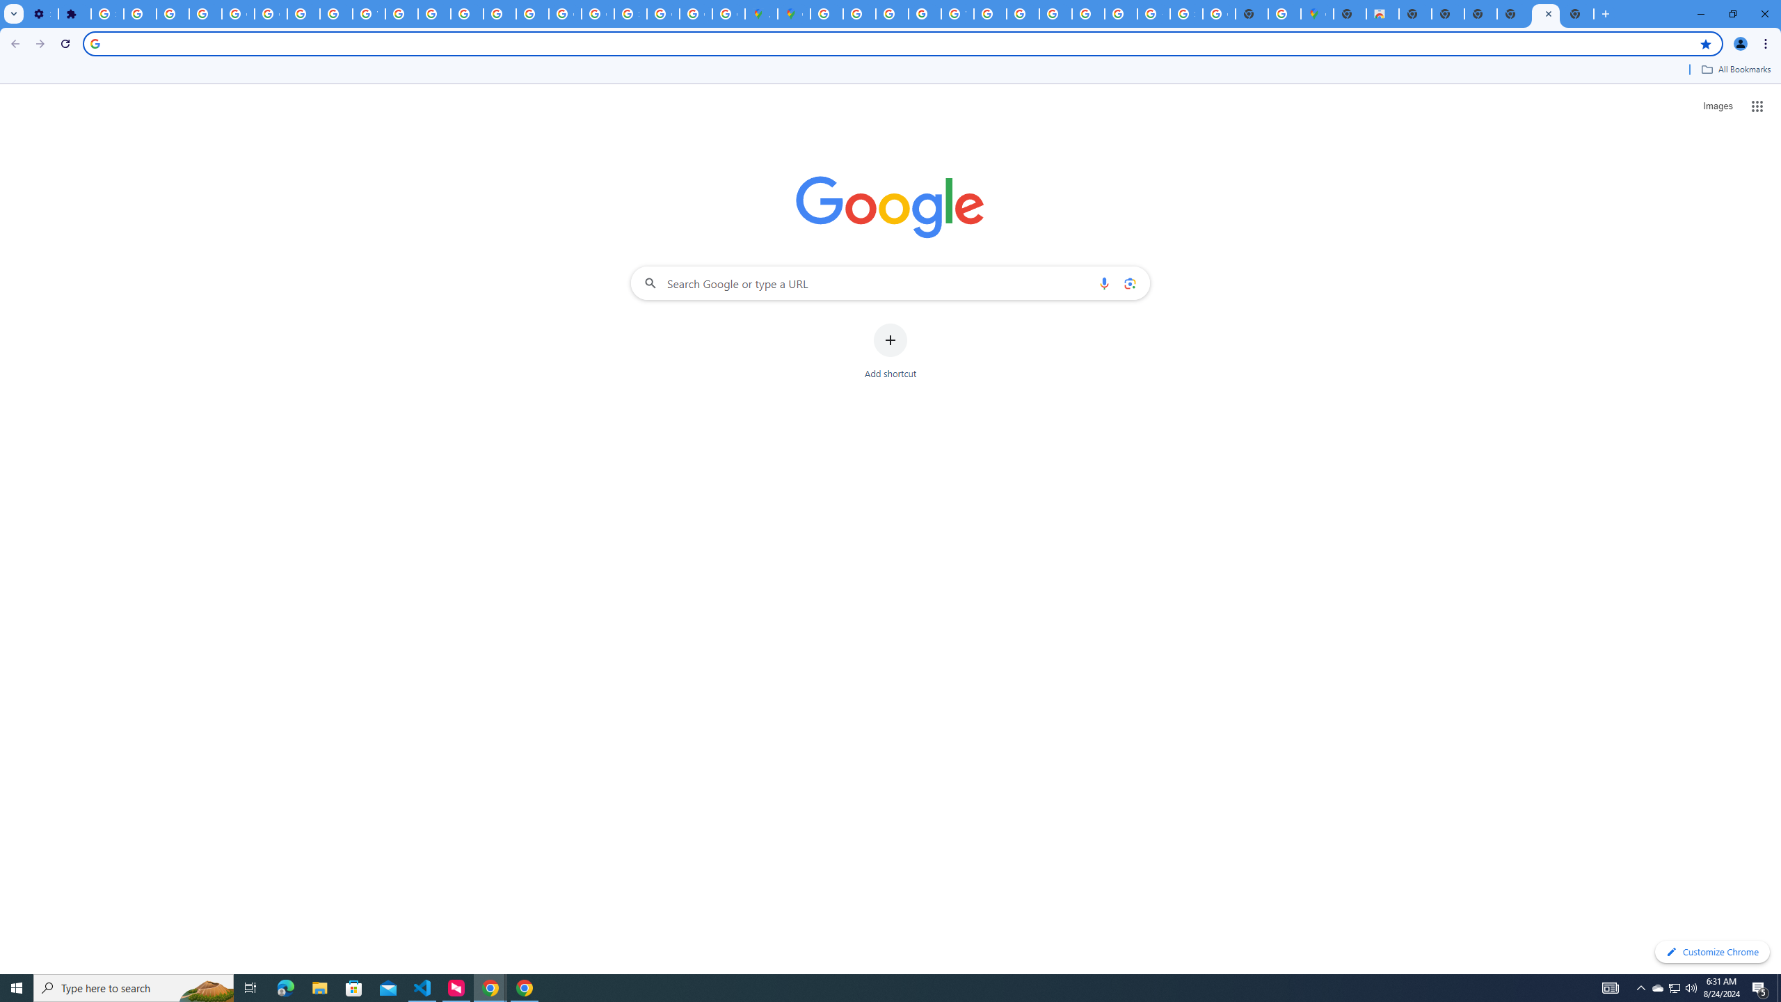 The image size is (1781, 1002). I want to click on 'Search by image', so click(1128, 282).